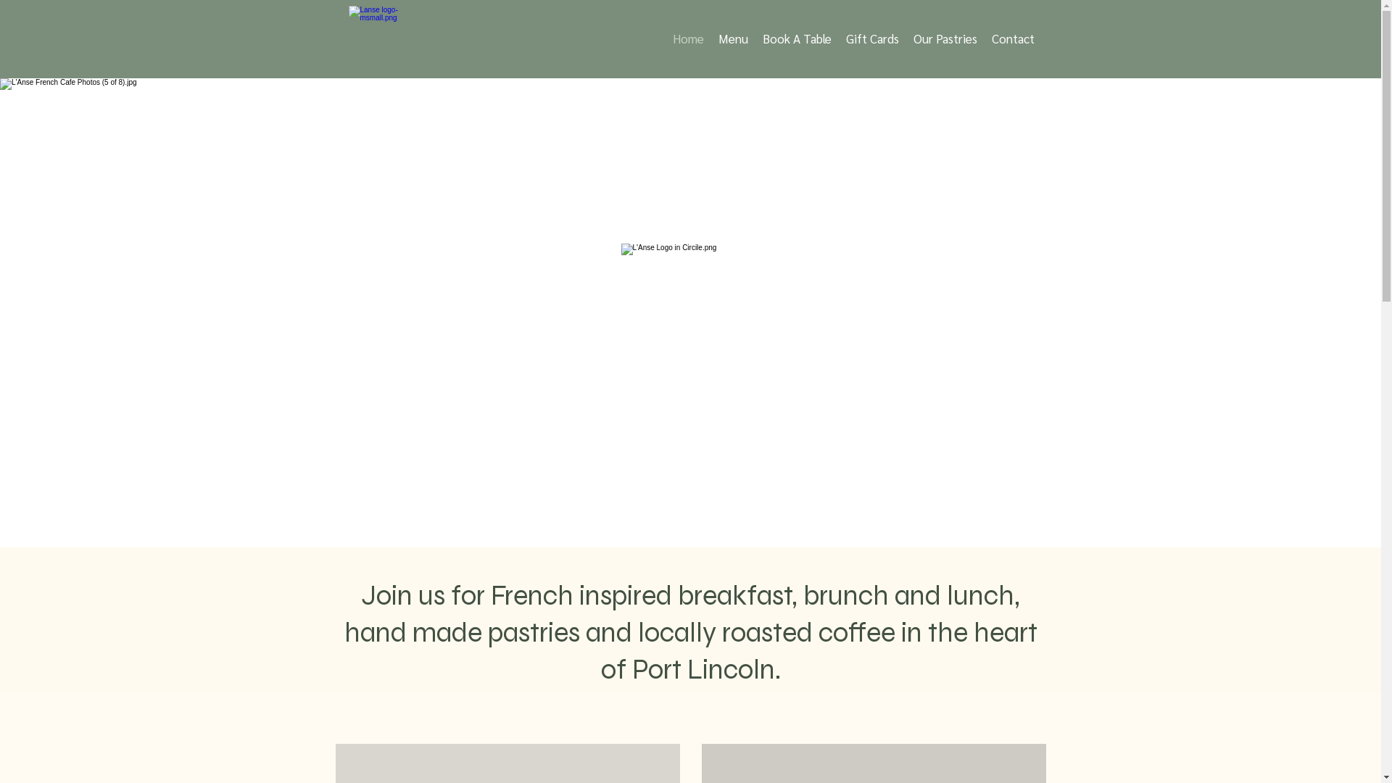 This screenshot has height=783, width=1392. Describe the element at coordinates (796, 38) in the screenshot. I see `'Book A Table'` at that location.